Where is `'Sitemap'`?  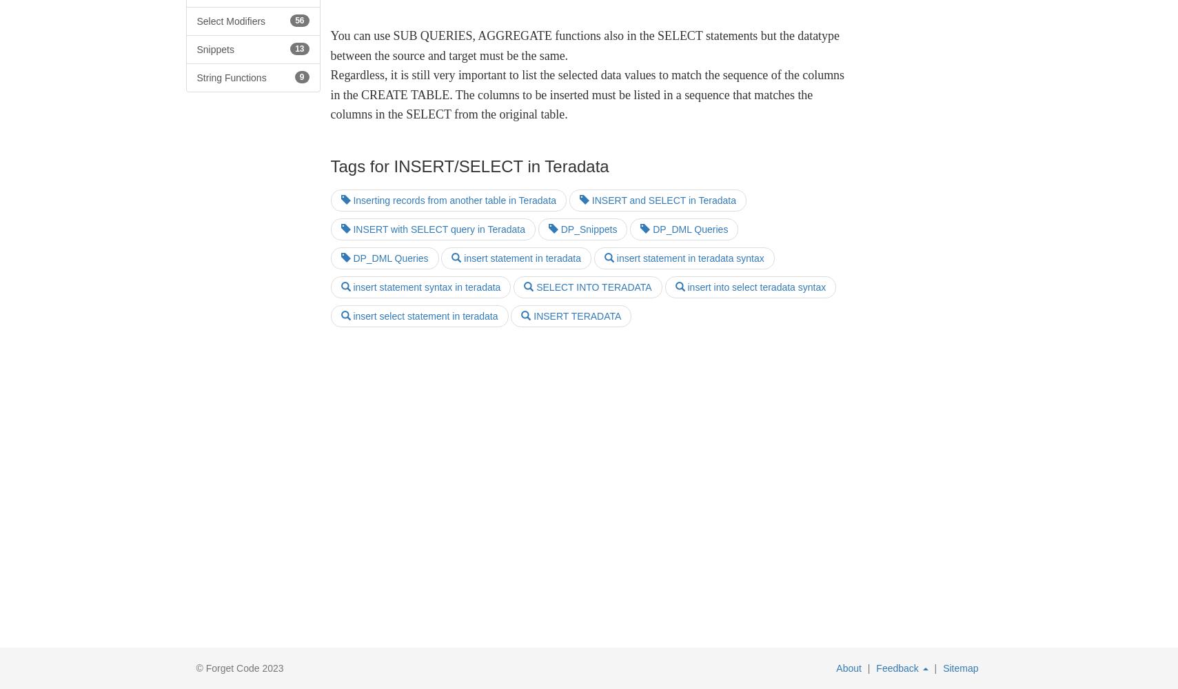
'Sitemap' is located at coordinates (960, 668).